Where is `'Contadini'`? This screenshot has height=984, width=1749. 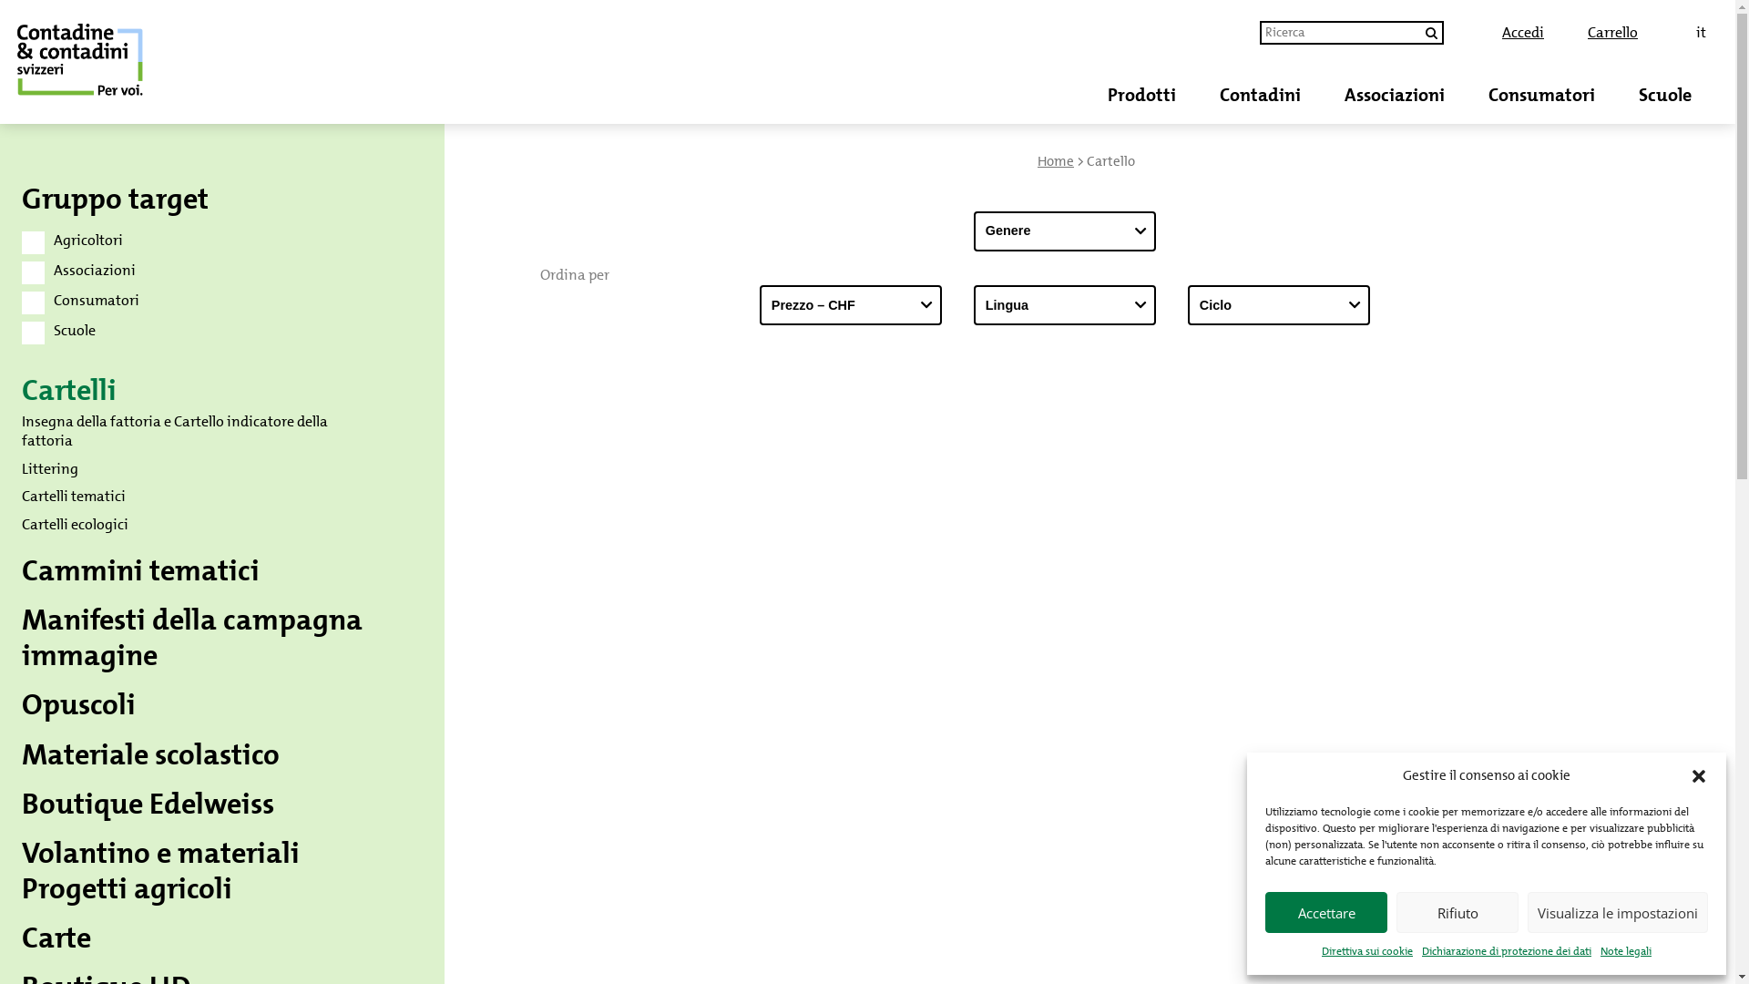 'Contadini' is located at coordinates (1259, 95).